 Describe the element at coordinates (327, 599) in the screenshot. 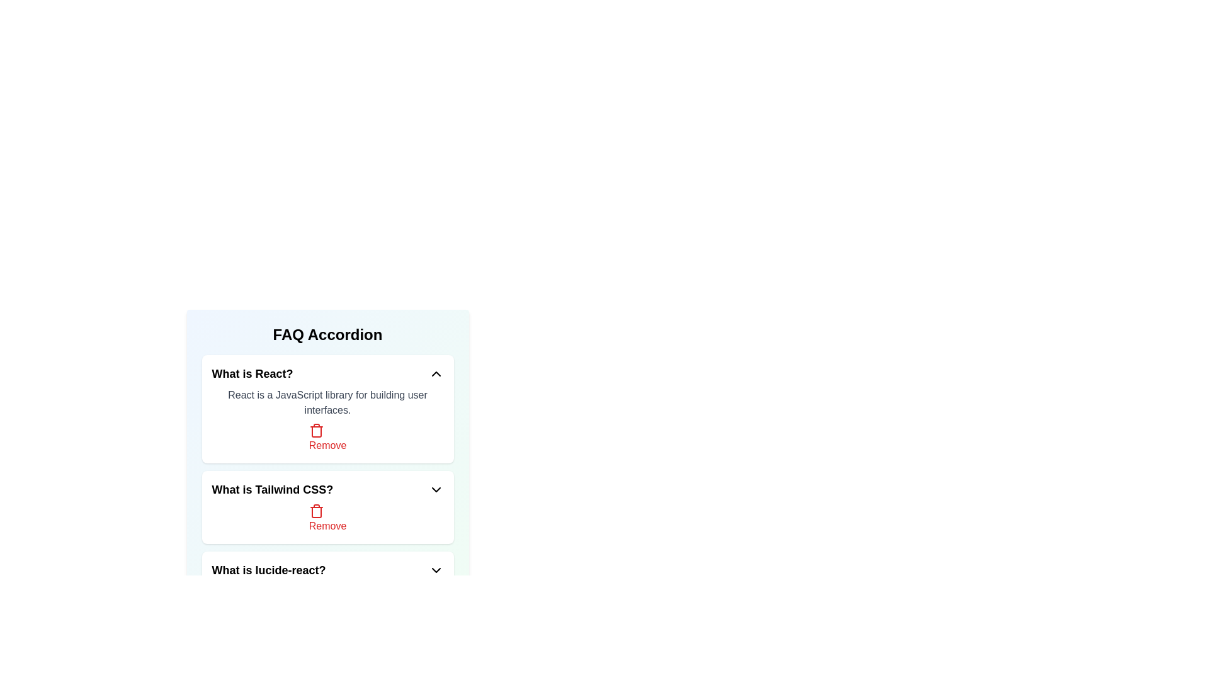

I see `'Remove' button for the FAQ item titled 'What is lucide-react?'` at that location.